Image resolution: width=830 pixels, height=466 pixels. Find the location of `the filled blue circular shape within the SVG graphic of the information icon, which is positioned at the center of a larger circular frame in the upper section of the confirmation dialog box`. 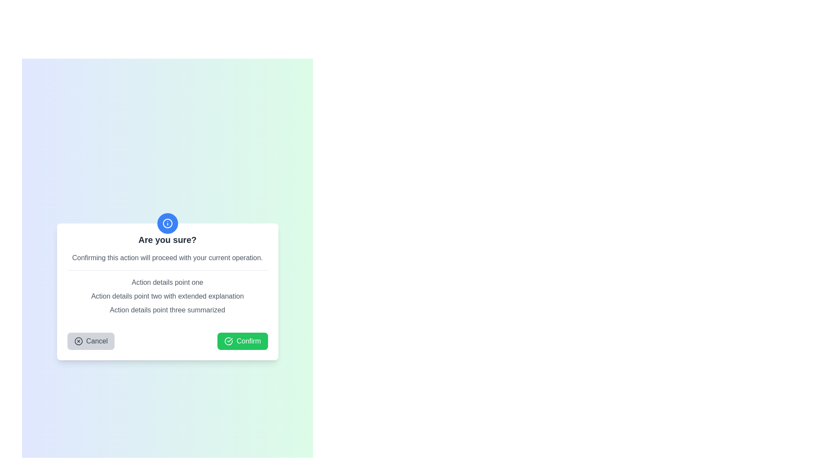

the filled blue circular shape within the SVG graphic of the information icon, which is positioned at the center of a larger circular frame in the upper section of the confirmation dialog box is located at coordinates (167, 223).